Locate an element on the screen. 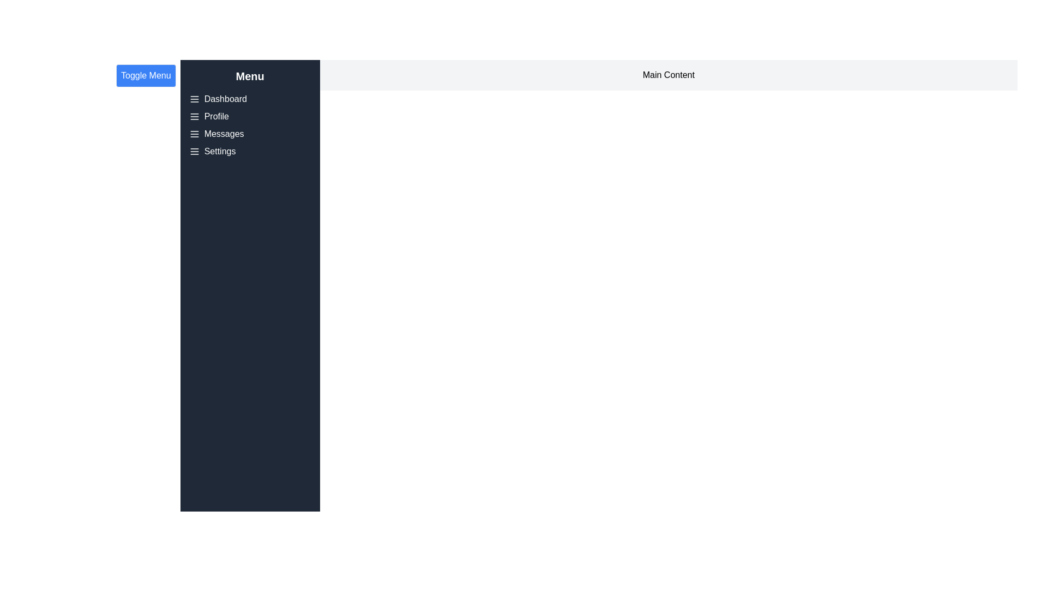 Image resolution: width=1047 pixels, height=589 pixels. 'Toggle Menu' button to toggle the visibility of the menu is located at coordinates (145, 75).